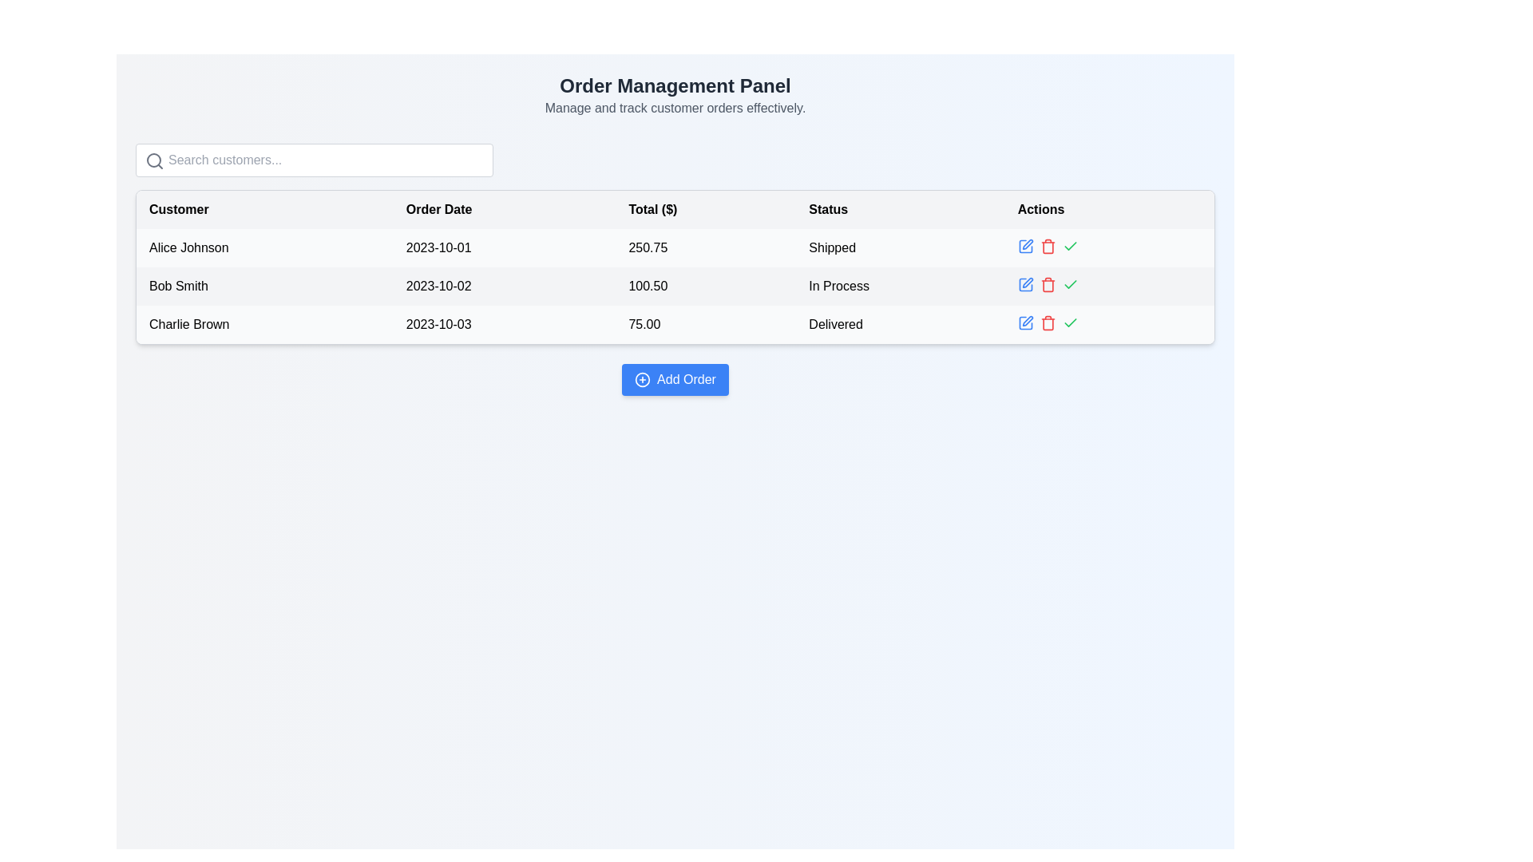 The width and height of the screenshot is (1533, 862). Describe the element at coordinates (1070, 283) in the screenshot. I see `the checkmark icon in the 'Actions' column of the second row of the data table, which indicates 'In Process' status` at that location.